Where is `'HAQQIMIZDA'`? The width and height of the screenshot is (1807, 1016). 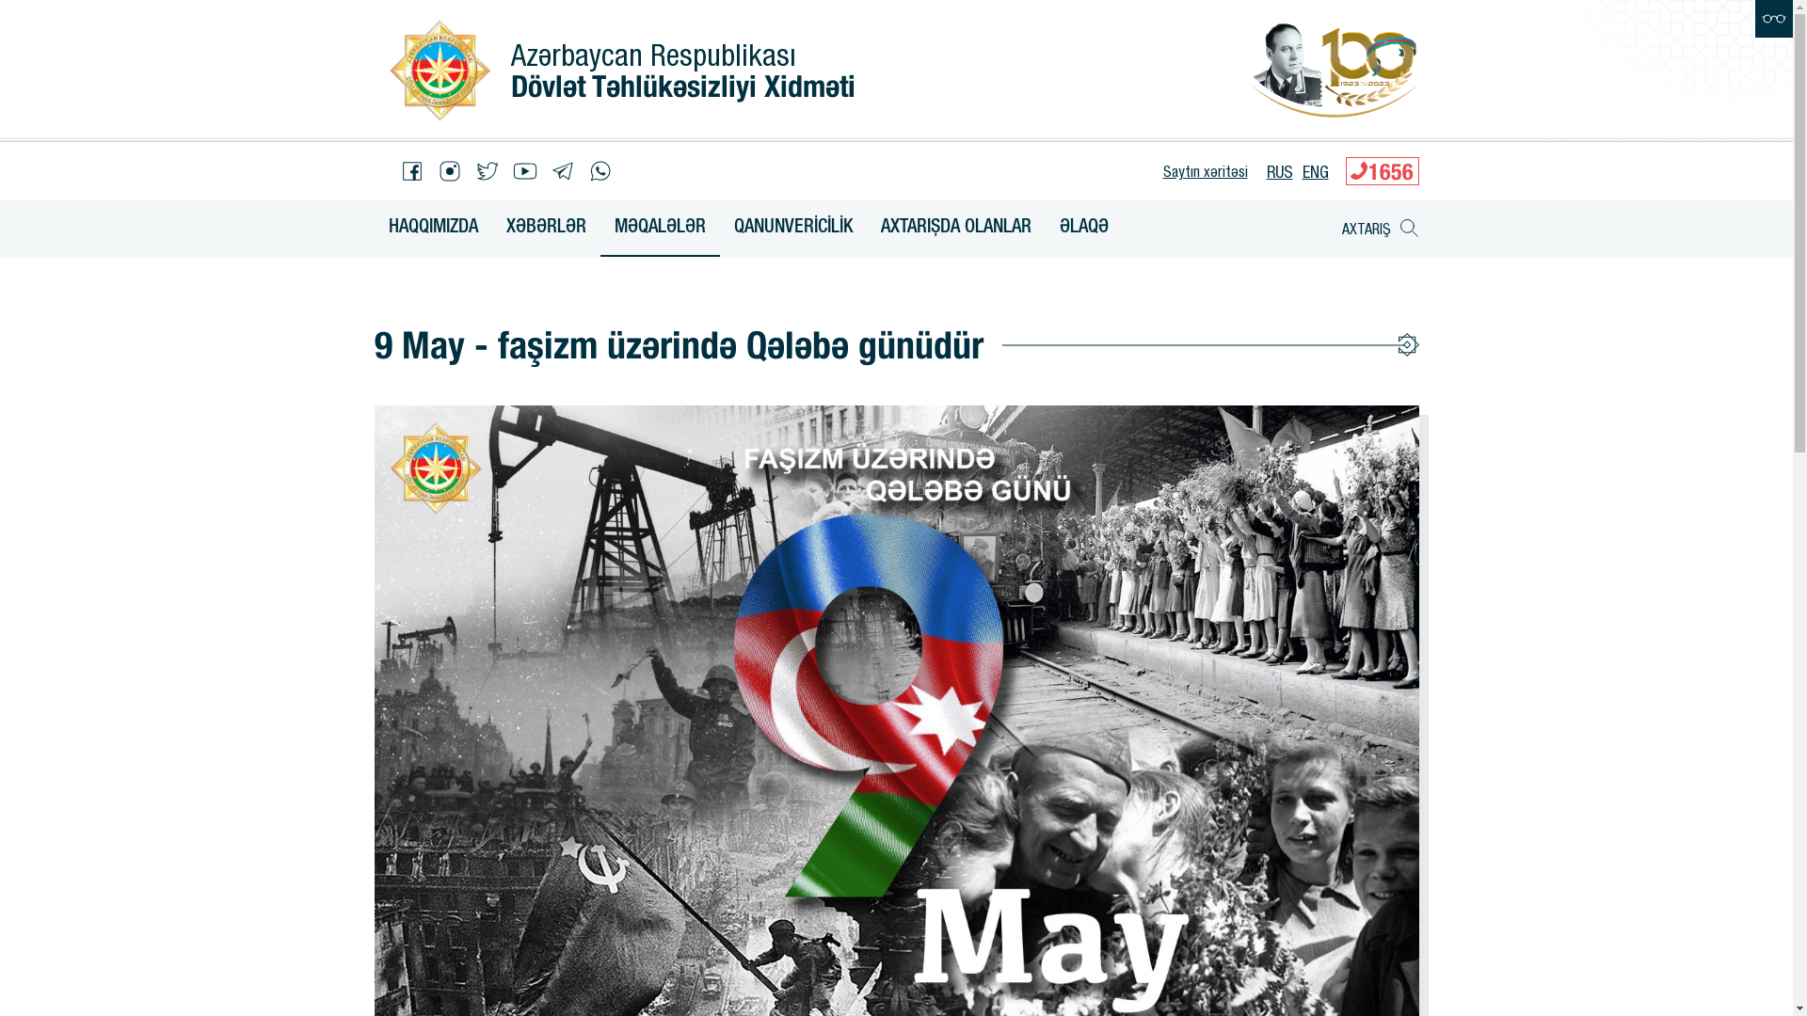 'HAQQIMIZDA' is located at coordinates (432, 228).